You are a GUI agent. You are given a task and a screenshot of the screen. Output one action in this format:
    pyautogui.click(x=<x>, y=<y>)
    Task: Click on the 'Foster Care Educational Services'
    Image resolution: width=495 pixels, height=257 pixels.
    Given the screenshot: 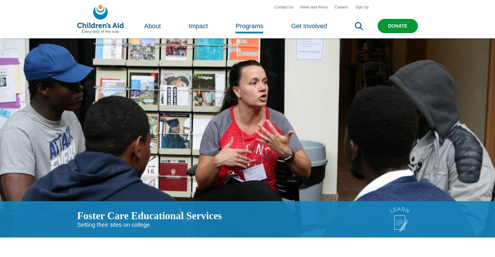 What is the action you would take?
    pyautogui.click(x=149, y=223)
    